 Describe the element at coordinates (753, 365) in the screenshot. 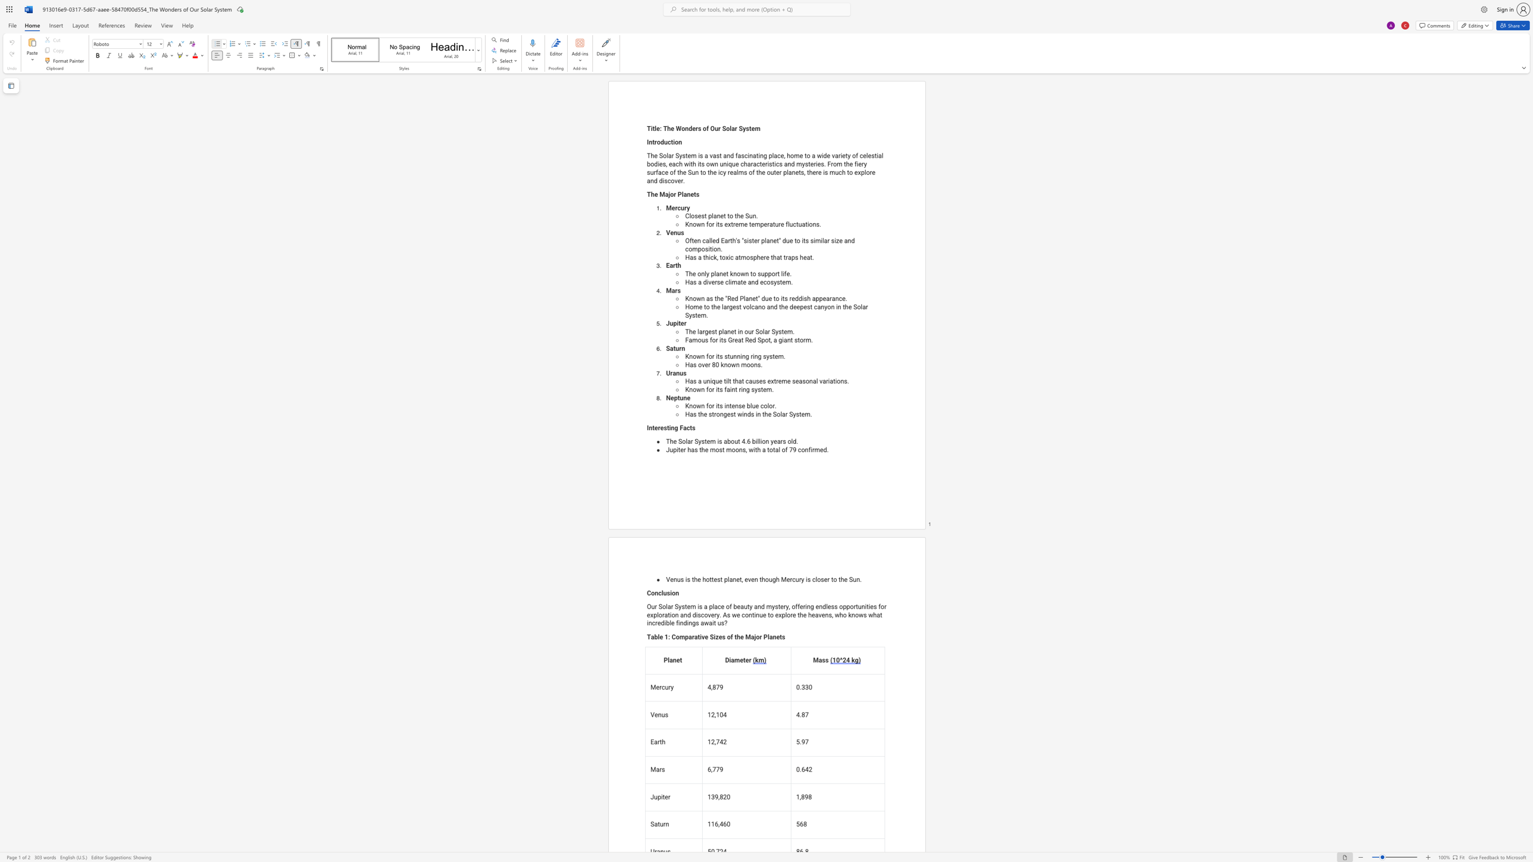

I see `the space between the continuous character "o" and "n" in the text` at that location.